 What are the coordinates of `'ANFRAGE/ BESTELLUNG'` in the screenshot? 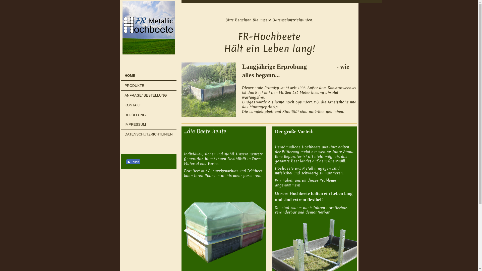 It's located at (148, 95).